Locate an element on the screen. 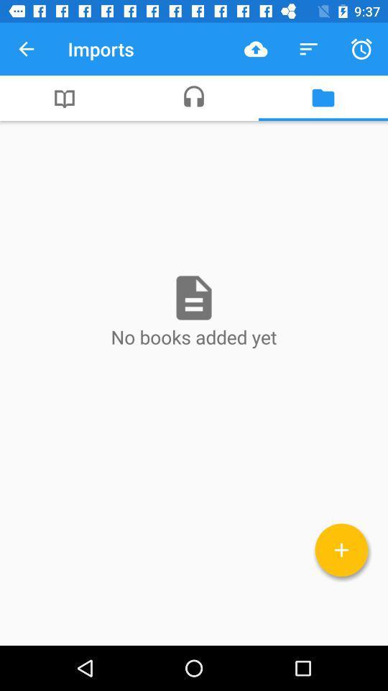 Image resolution: width=388 pixels, height=691 pixels. new book is located at coordinates (341, 549).